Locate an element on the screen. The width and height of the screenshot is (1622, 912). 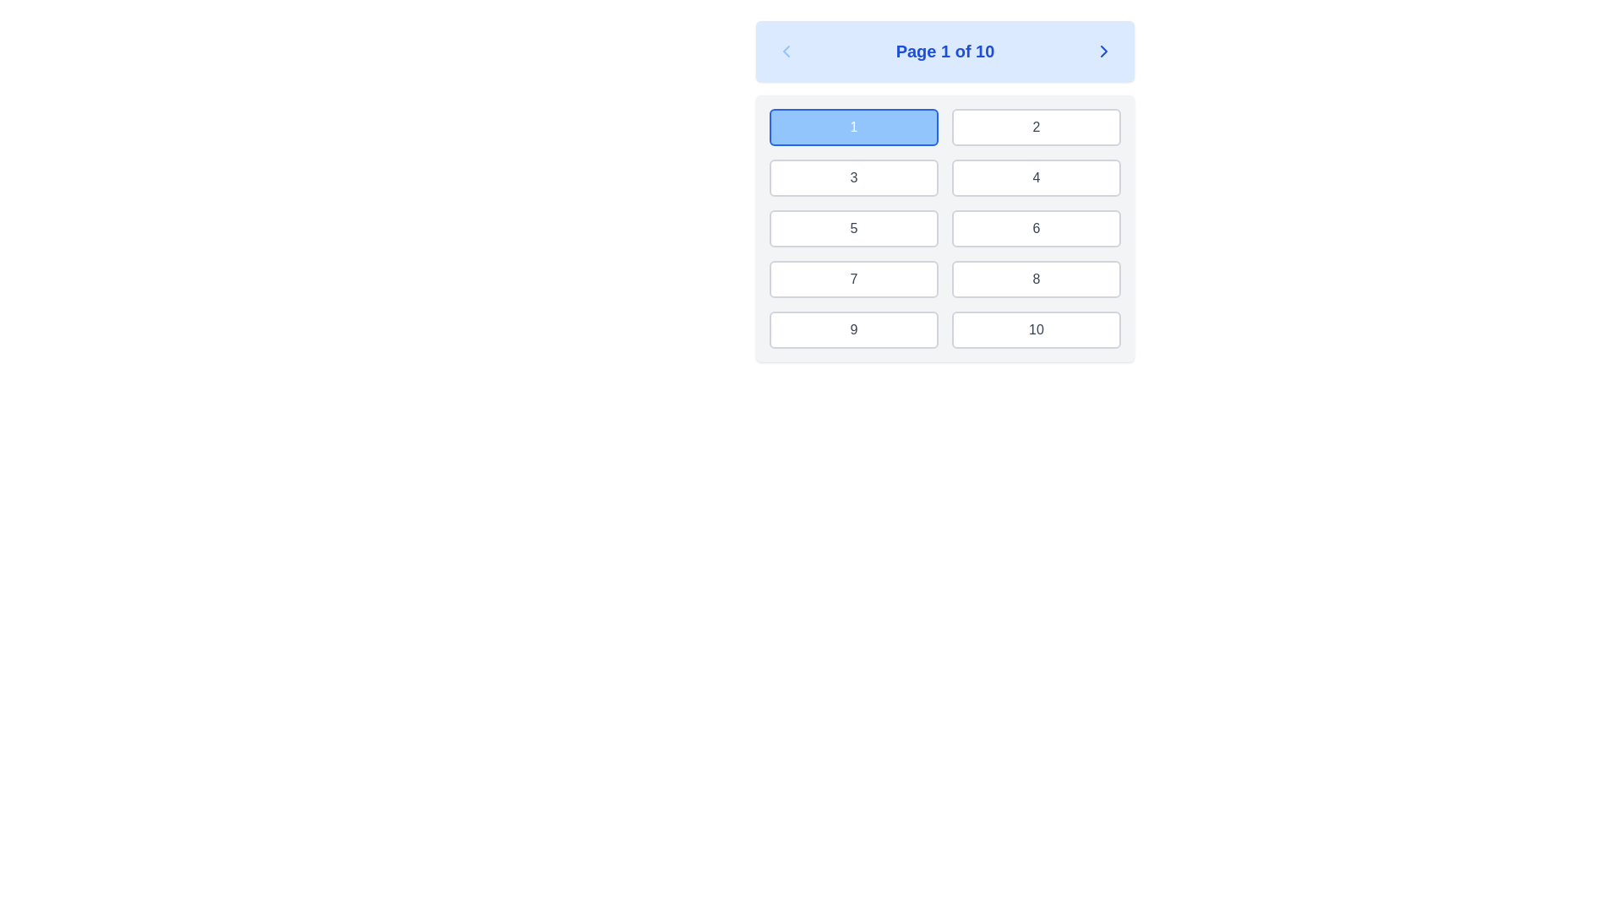
the button labeled '10' located in the bottom right of the grid layout on 'Page 1 of 10' to visualize its hover effects is located at coordinates (1036, 329).